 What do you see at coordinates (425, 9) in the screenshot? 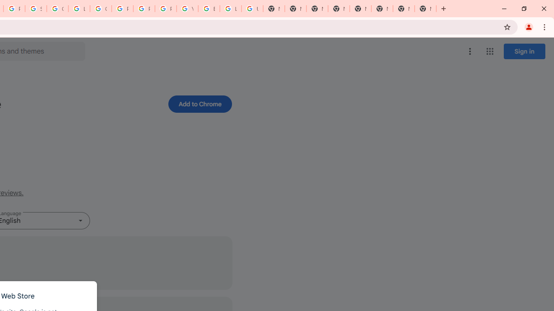
I see `'New Tab'` at bounding box center [425, 9].